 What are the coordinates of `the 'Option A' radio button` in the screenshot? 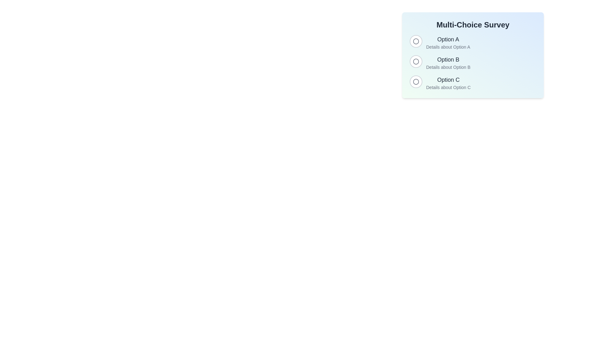 It's located at (416, 41).